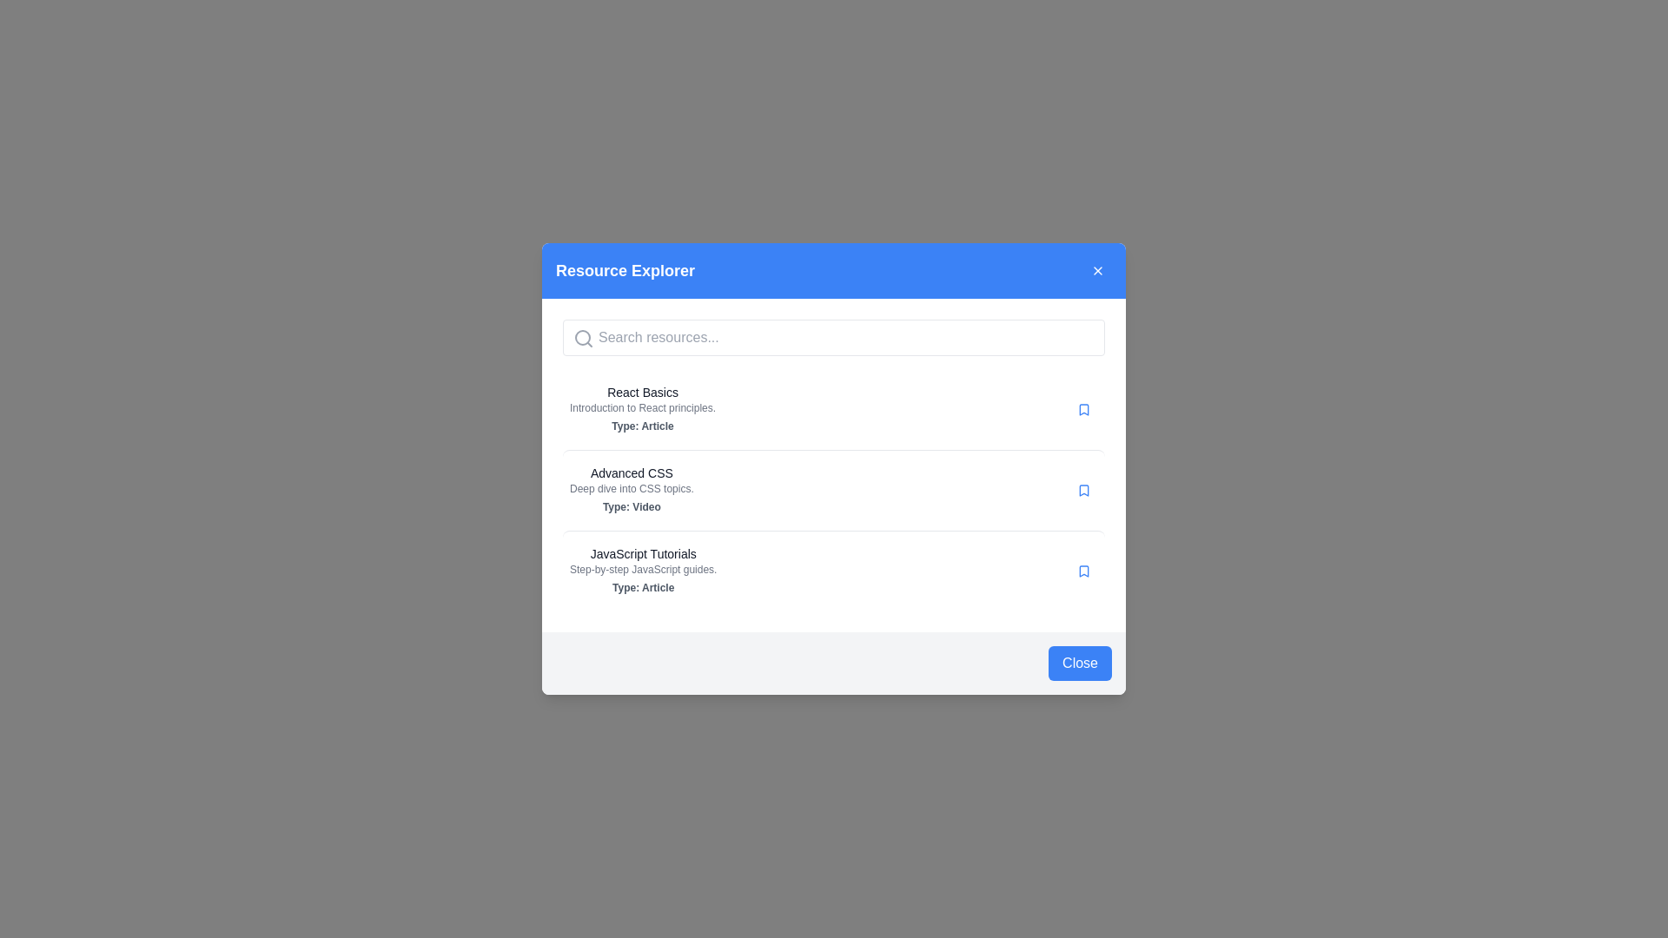 This screenshot has width=1668, height=938. What do you see at coordinates (642, 569) in the screenshot?
I see `description provided by the Text label located below the title 'JavaScript Tutorials' and above the label 'Type: Article'` at bounding box center [642, 569].